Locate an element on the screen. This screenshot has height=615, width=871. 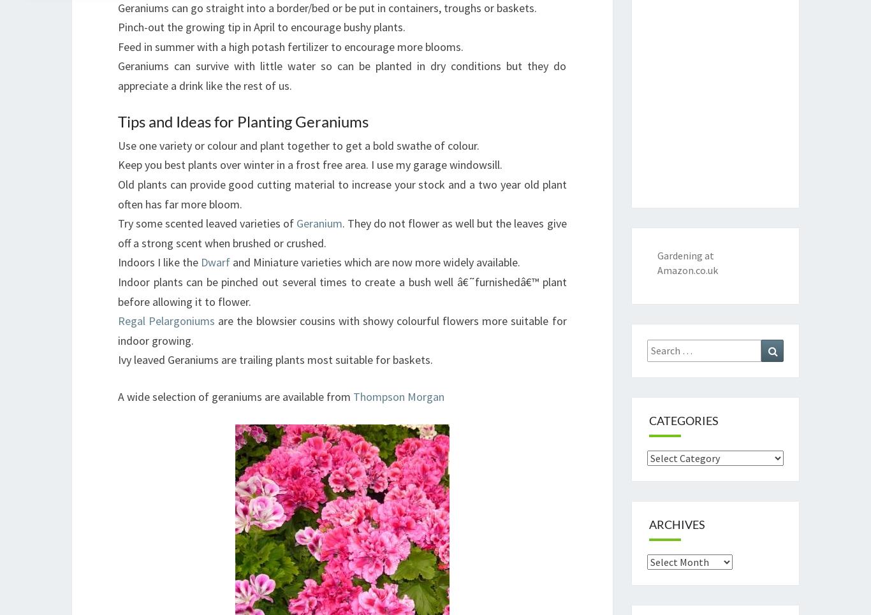
'Use one variety or colour and plant together to get a bold swathe of colour.' is located at coordinates (298, 144).